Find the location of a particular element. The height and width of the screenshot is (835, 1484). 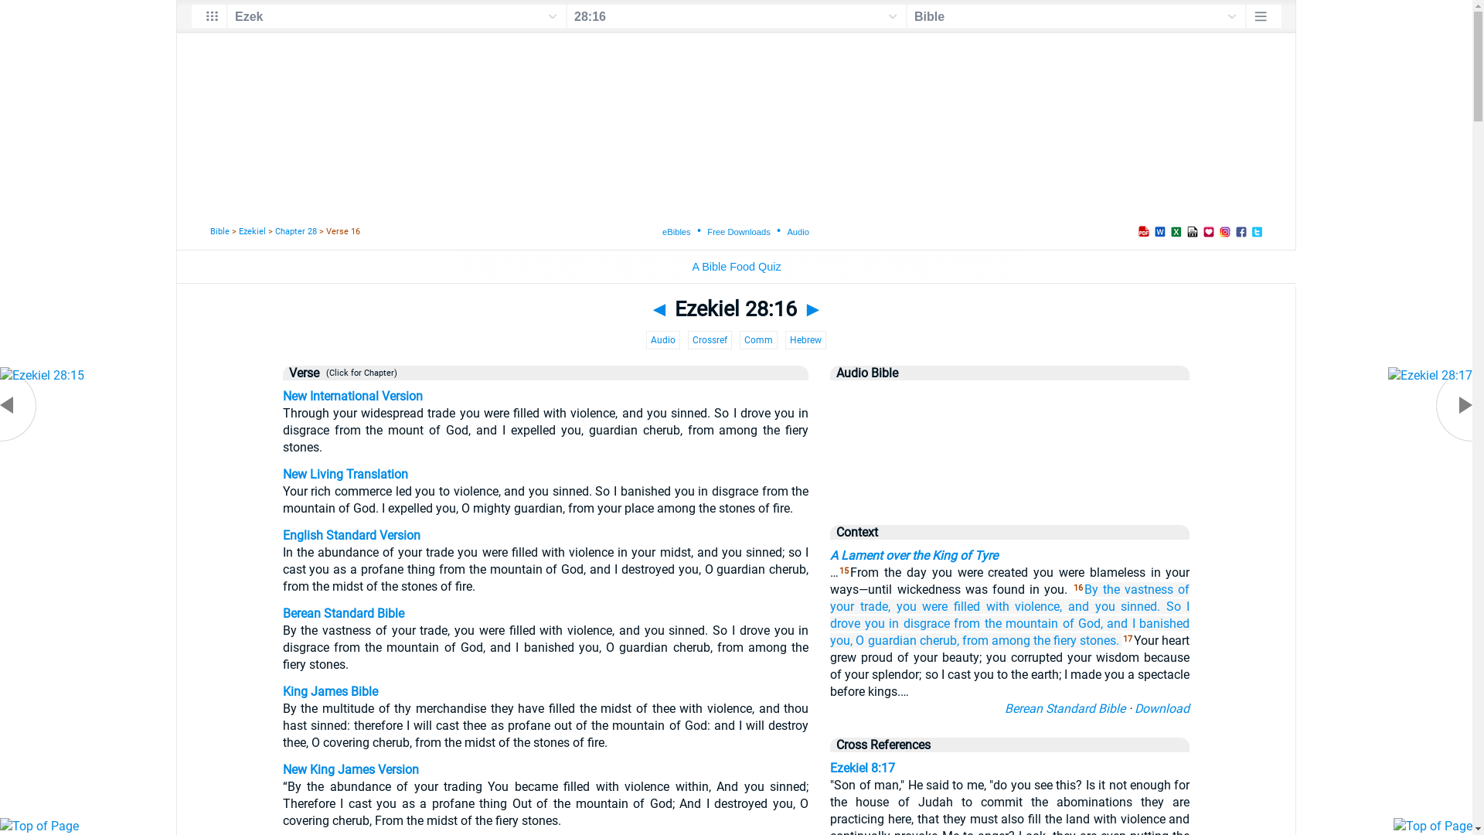

'By the vastness' is located at coordinates (1128, 589).